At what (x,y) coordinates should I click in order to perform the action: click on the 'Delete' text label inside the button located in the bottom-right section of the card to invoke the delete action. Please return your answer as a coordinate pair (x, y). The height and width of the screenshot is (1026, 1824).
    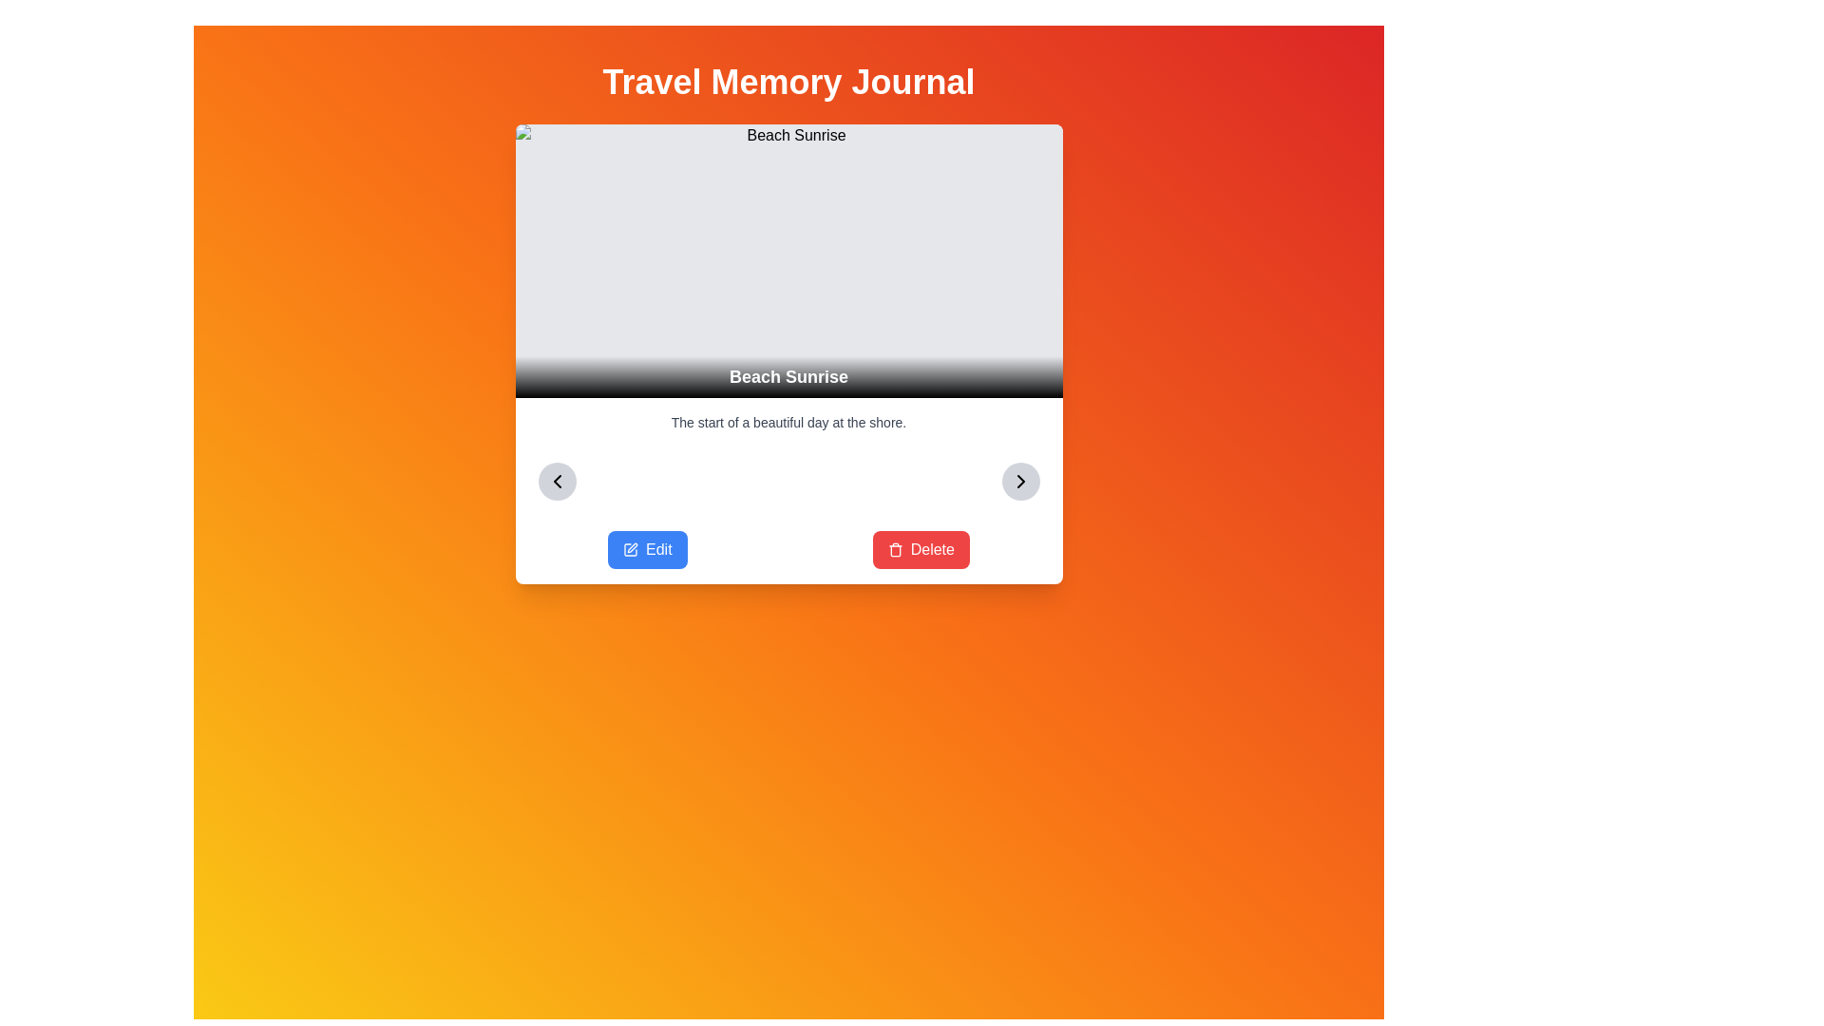
    Looking at the image, I should click on (932, 549).